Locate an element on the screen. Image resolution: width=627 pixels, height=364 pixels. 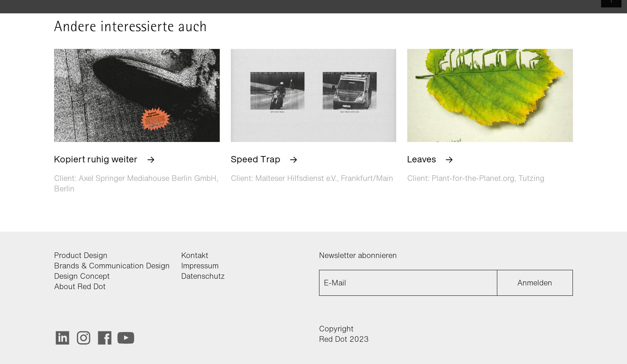
'Brands & Communication Design' is located at coordinates (112, 265).